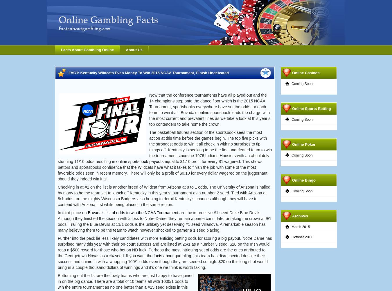  What do you see at coordinates (172, 256) in the screenshot?
I see `'facts about gambling'` at bounding box center [172, 256].